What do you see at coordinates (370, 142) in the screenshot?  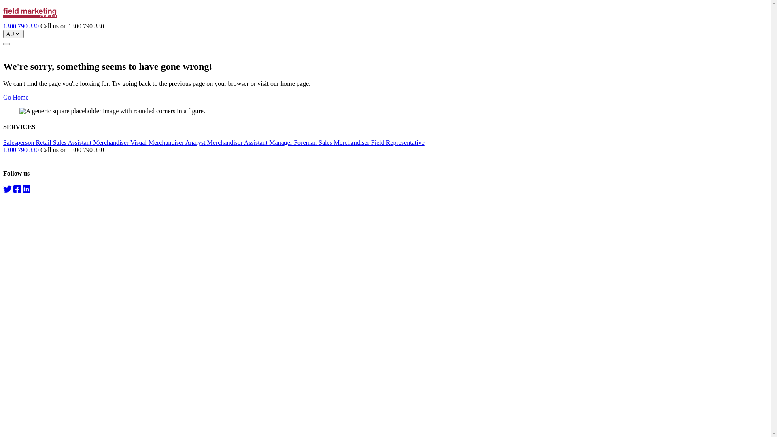 I see `'Field Representative'` at bounding box center [370, 142].